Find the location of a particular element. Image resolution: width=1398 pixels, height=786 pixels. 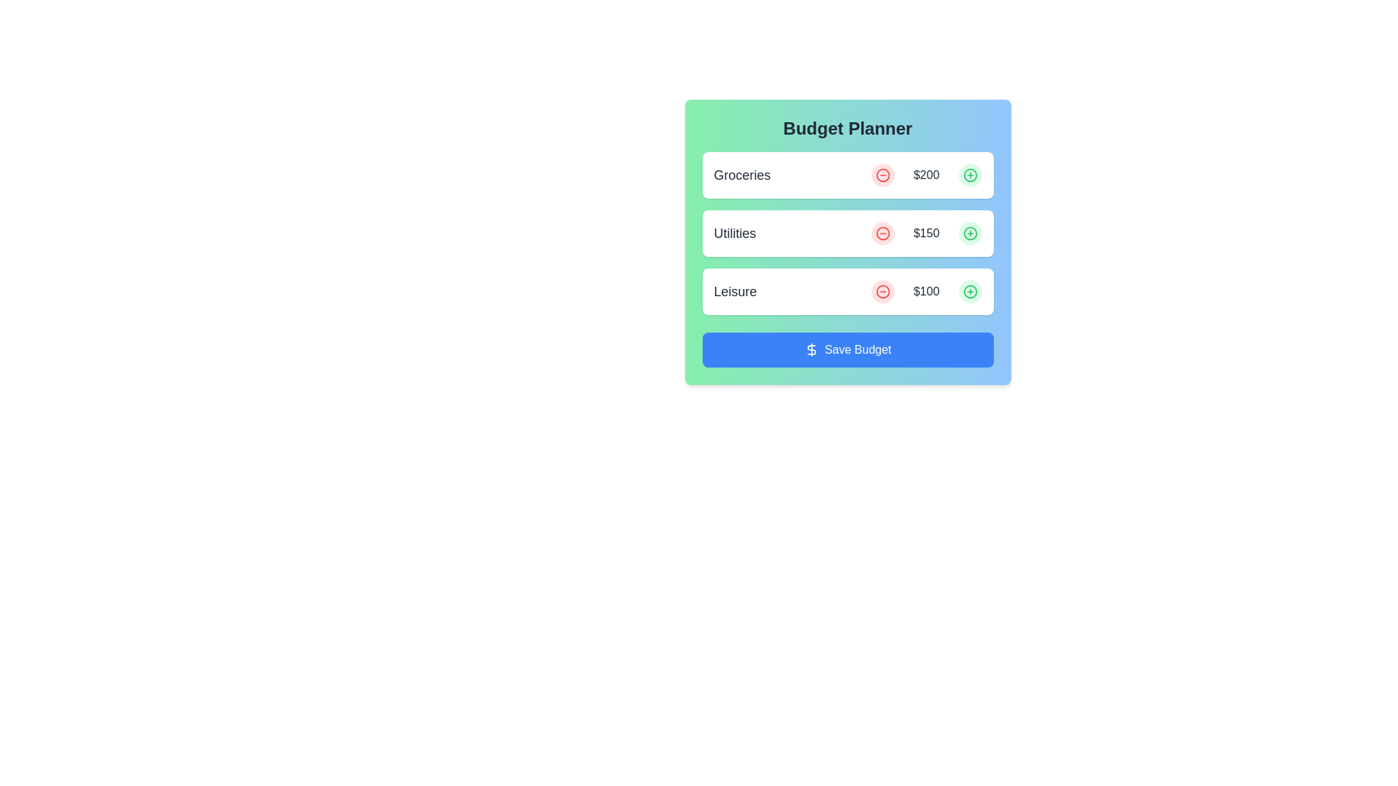

the button that decreases the budget amount for the 'Leisure' category to potentially reveal additional information or feedback is located at coordinates (882, 292).